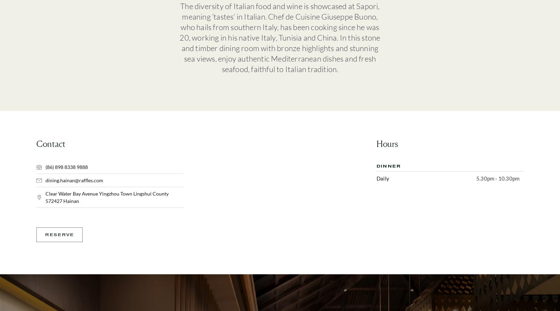  I want to click on 'Connect', so click(403, 114).